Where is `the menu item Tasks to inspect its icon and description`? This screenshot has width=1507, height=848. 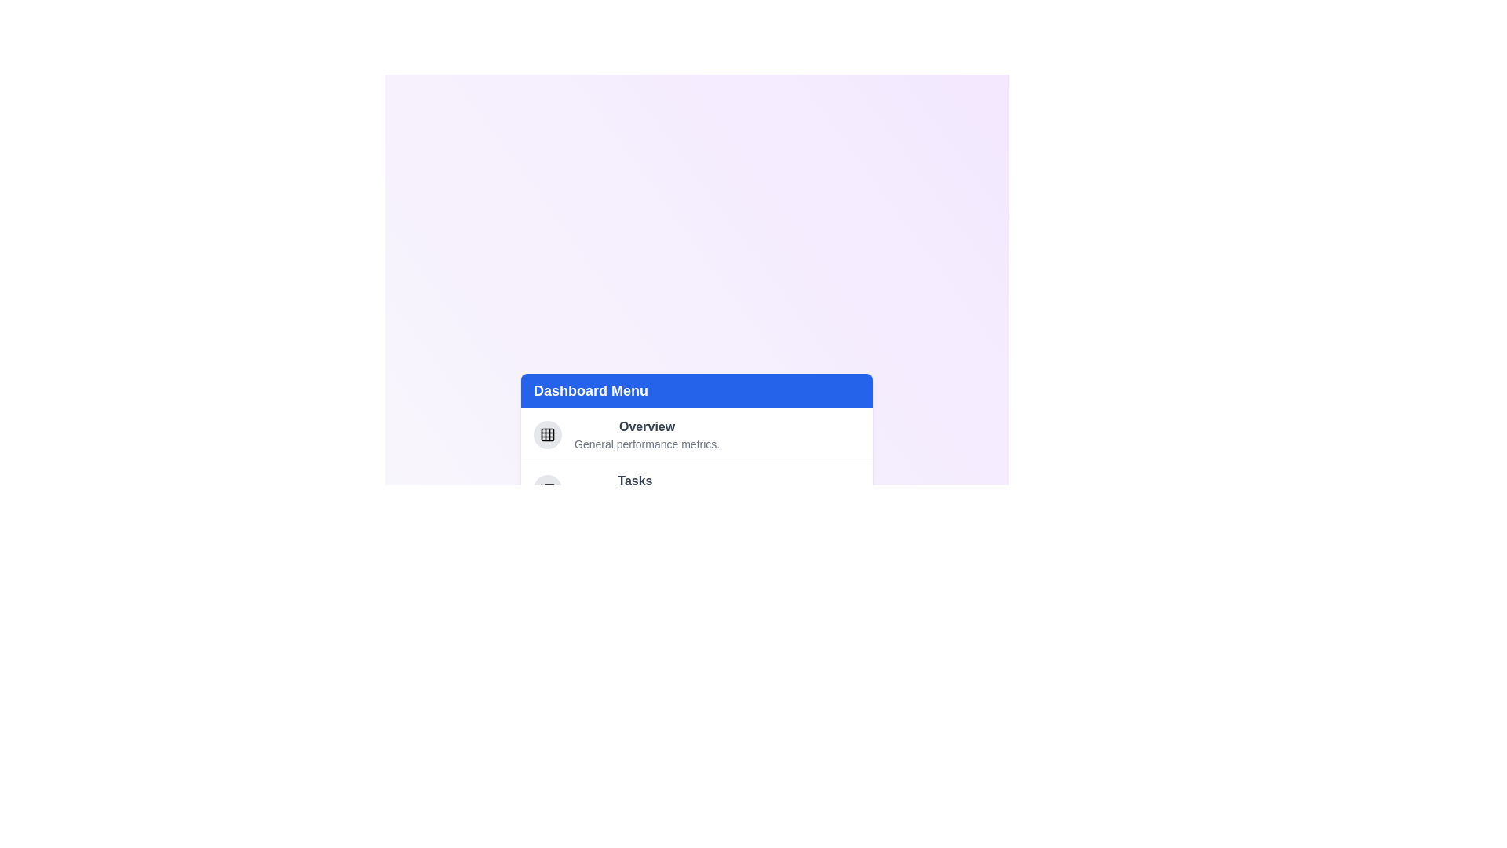
the menu item Tasks to inspect its icon and description is located at coordinates (547, 488).